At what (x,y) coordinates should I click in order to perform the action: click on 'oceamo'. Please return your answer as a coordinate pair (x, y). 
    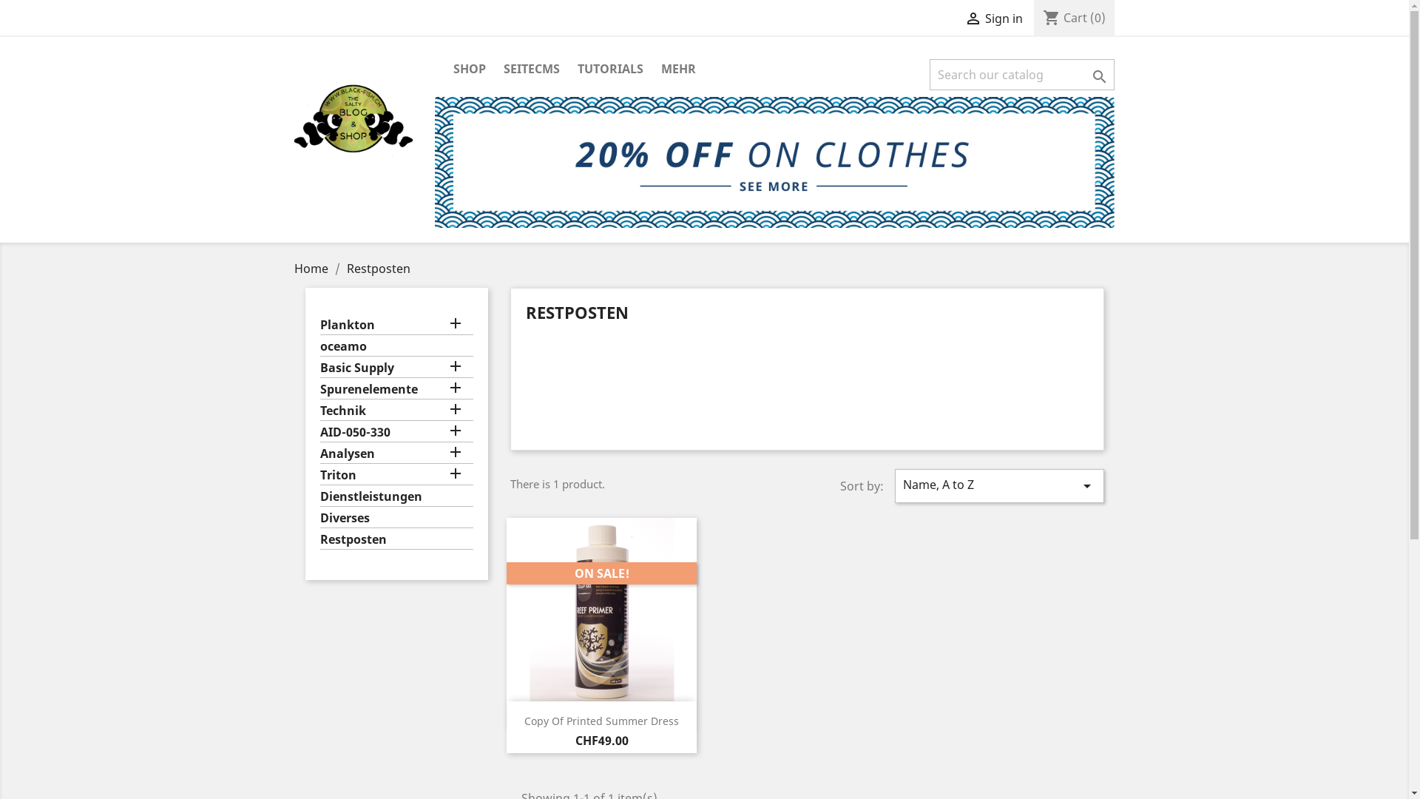
    Looking at the image, I should click on (396, 348).